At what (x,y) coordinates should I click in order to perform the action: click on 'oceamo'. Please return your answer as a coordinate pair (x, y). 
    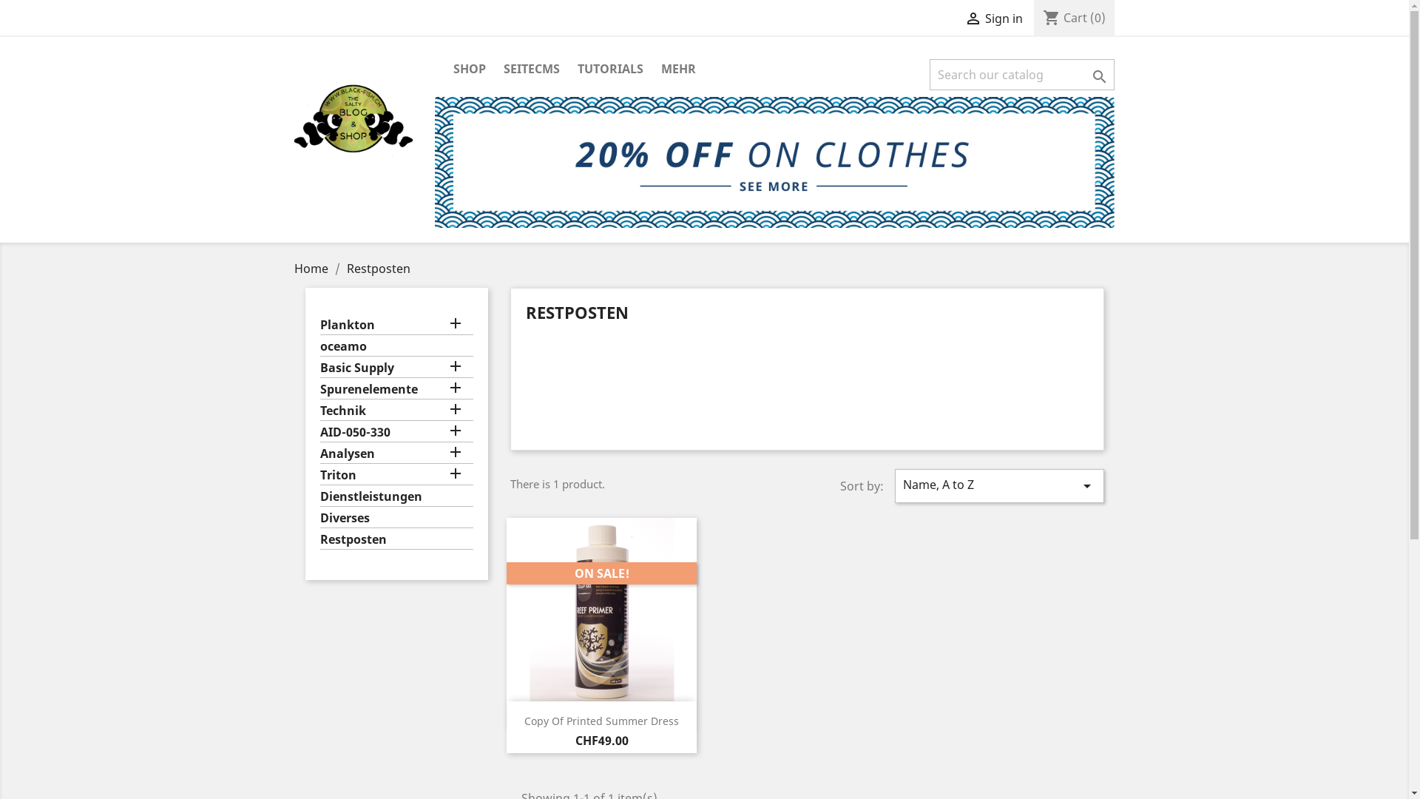
    Looking at the image, I should click on (396, 348).